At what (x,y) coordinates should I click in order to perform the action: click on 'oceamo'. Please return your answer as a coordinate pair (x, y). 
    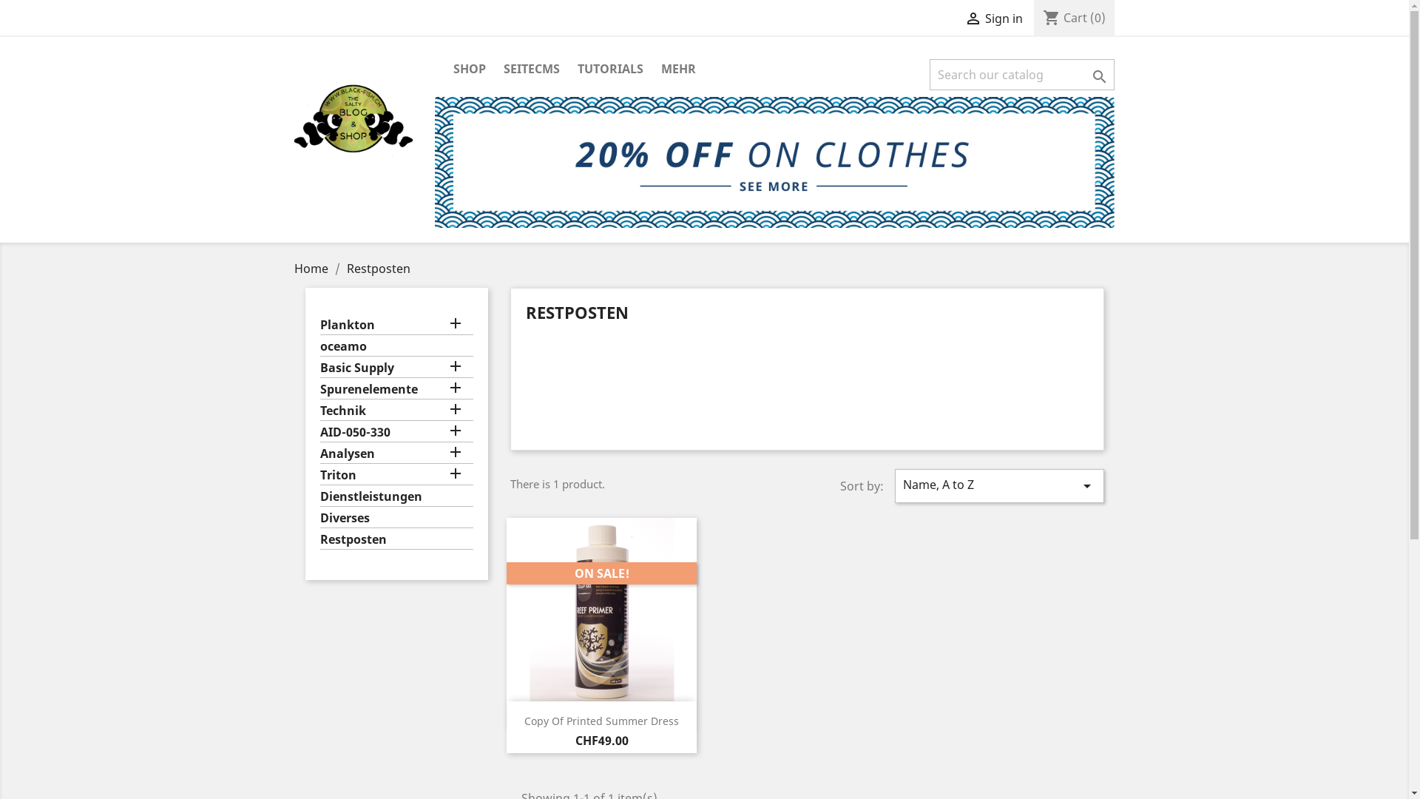
    Looking at the image, I should click on (396, 348).